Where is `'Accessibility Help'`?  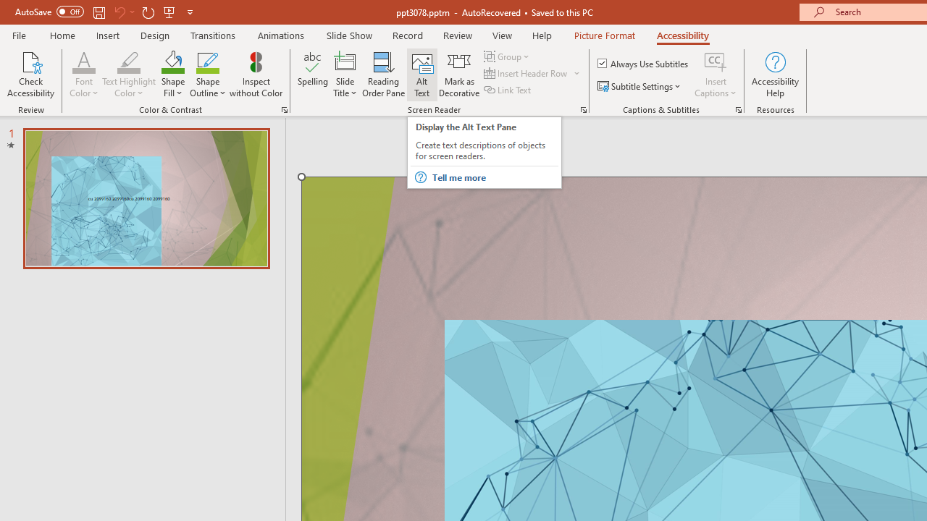
'Accessibility Help' is located at coordinates (774, 75).